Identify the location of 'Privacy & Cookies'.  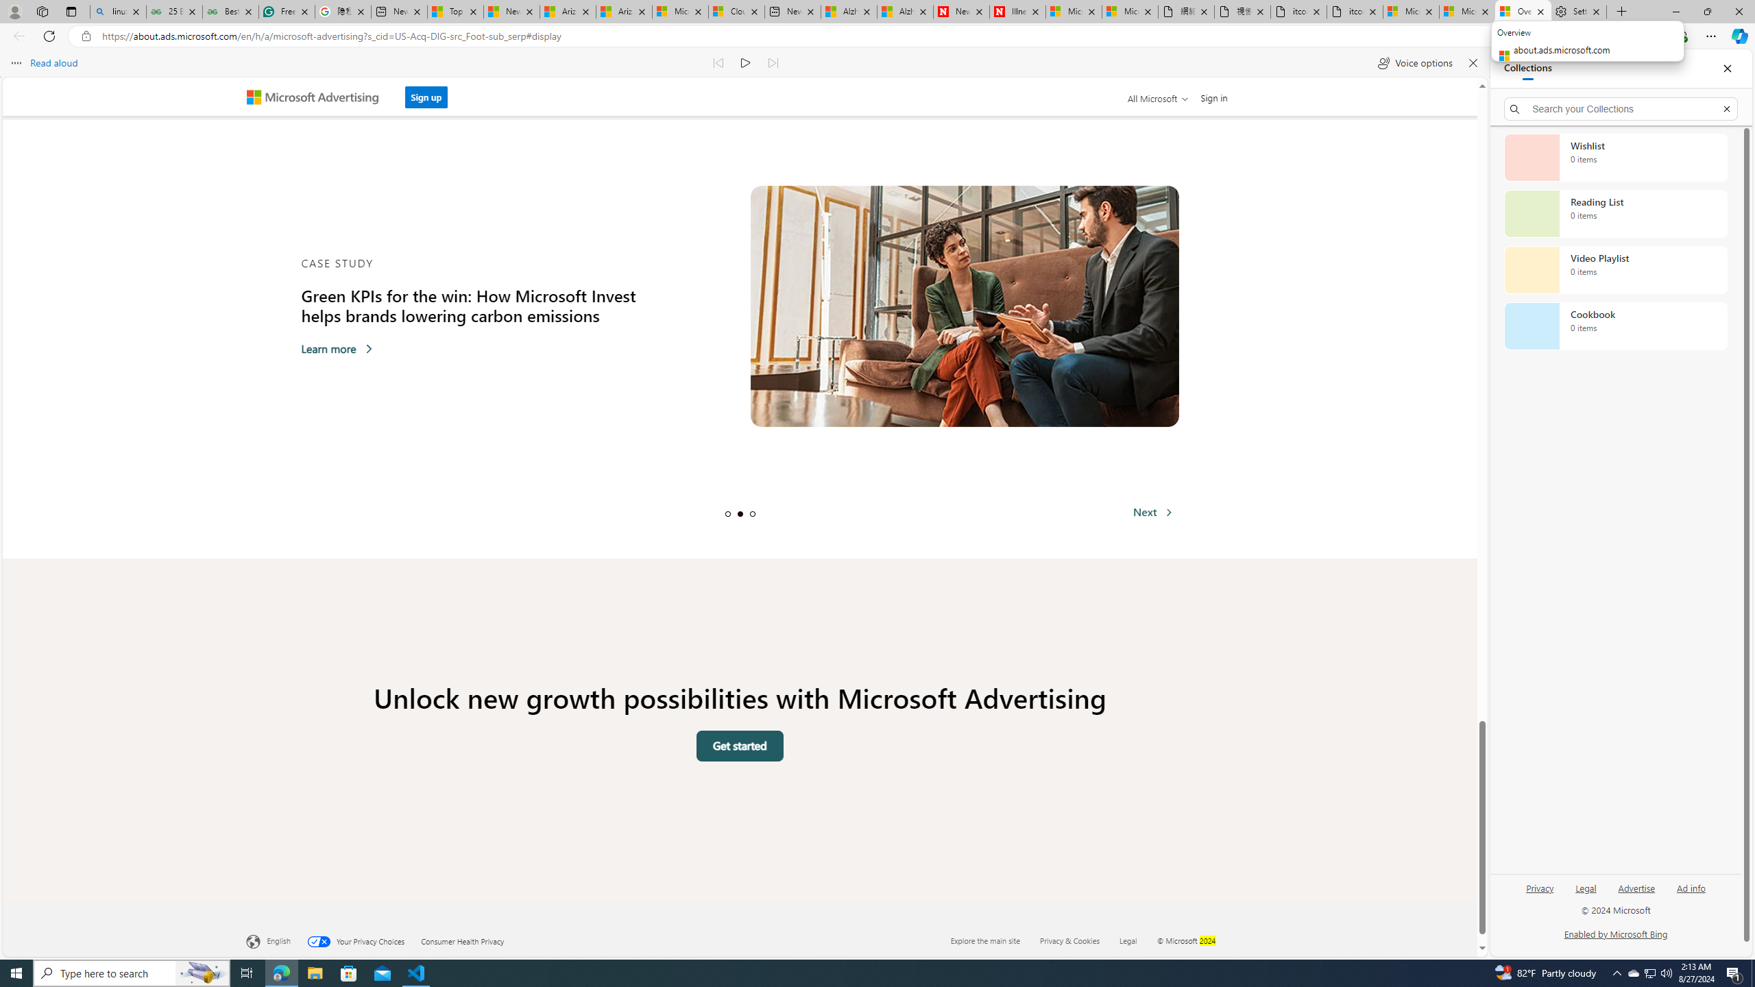
(1078, 940).